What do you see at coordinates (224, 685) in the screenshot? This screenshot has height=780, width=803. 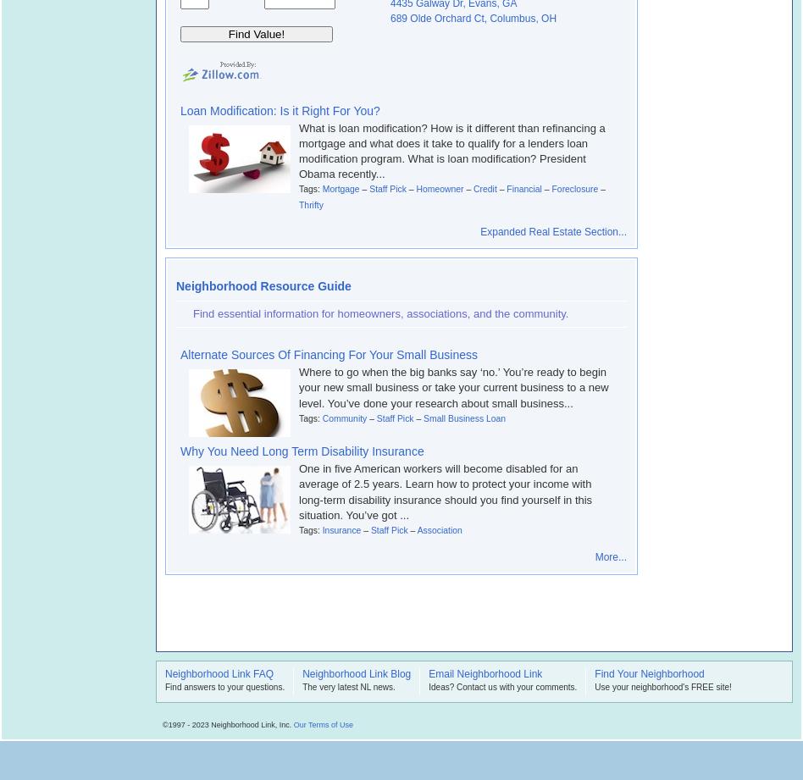 I see `'Find answers to your questions.'` at bounding box center [224, 685].